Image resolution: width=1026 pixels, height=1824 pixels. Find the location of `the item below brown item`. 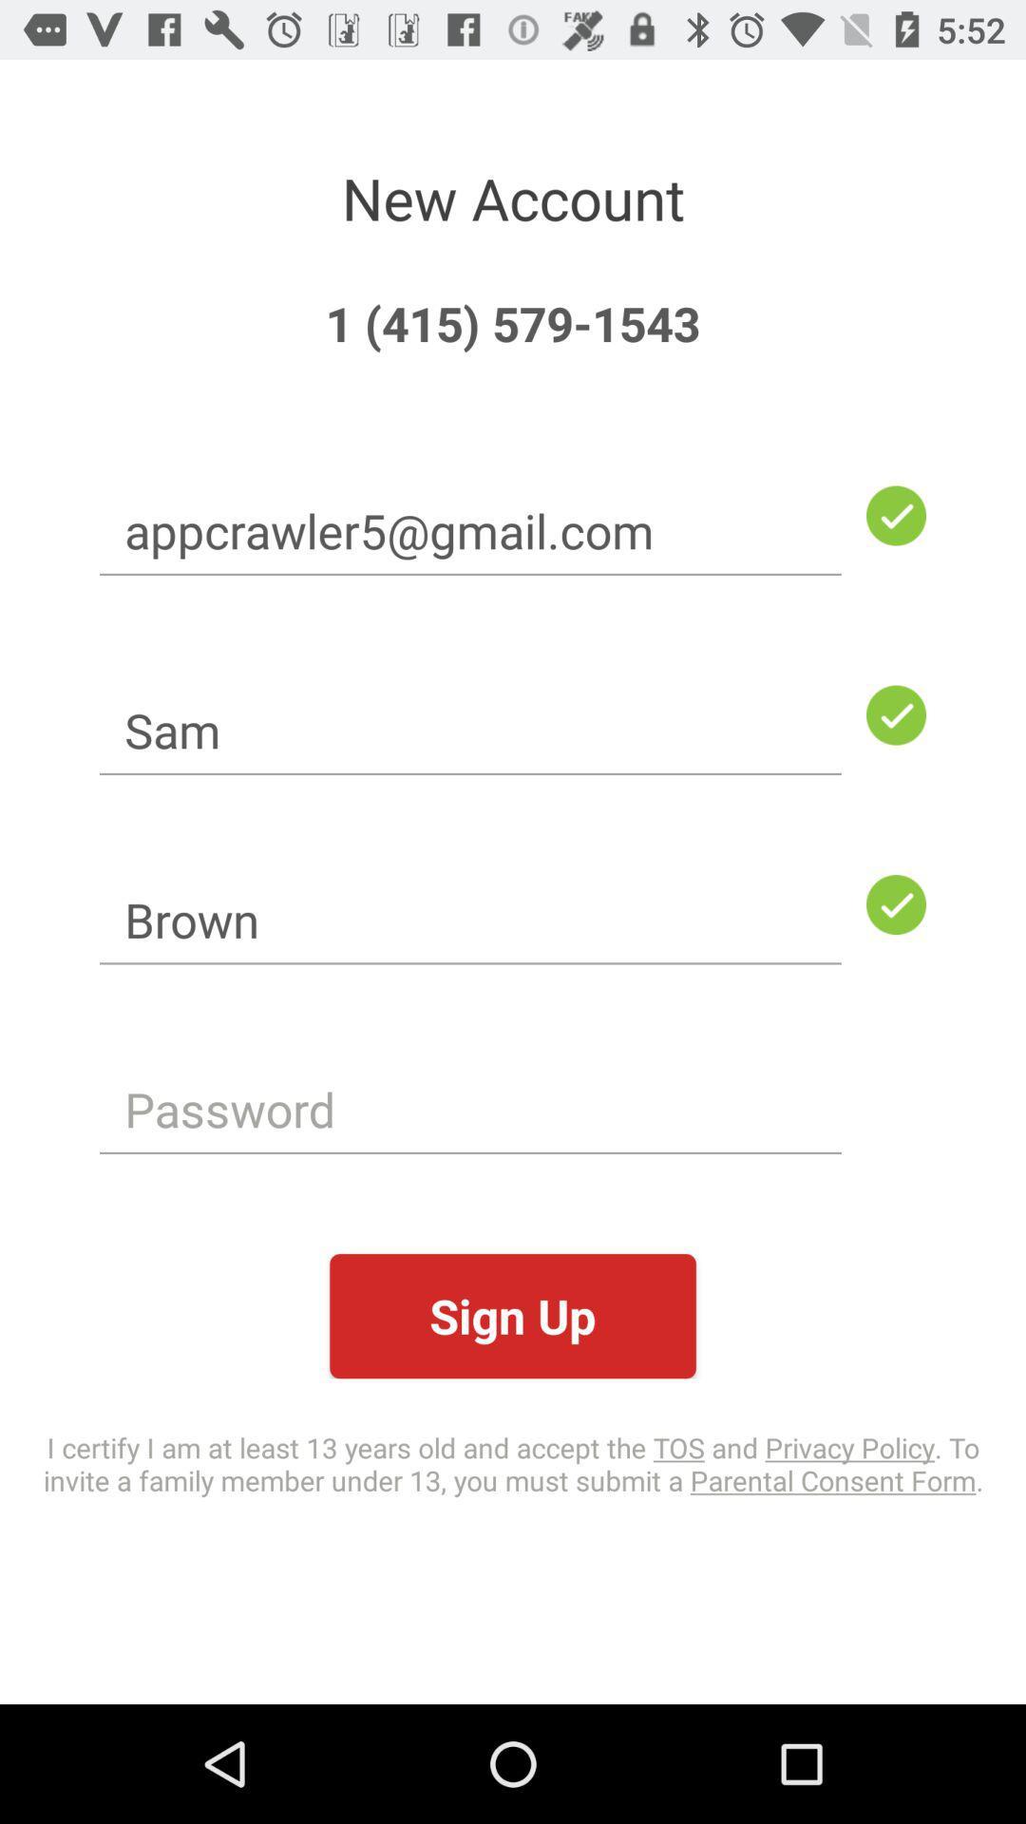

the item below brown item is located at coordinates (470, 1109).